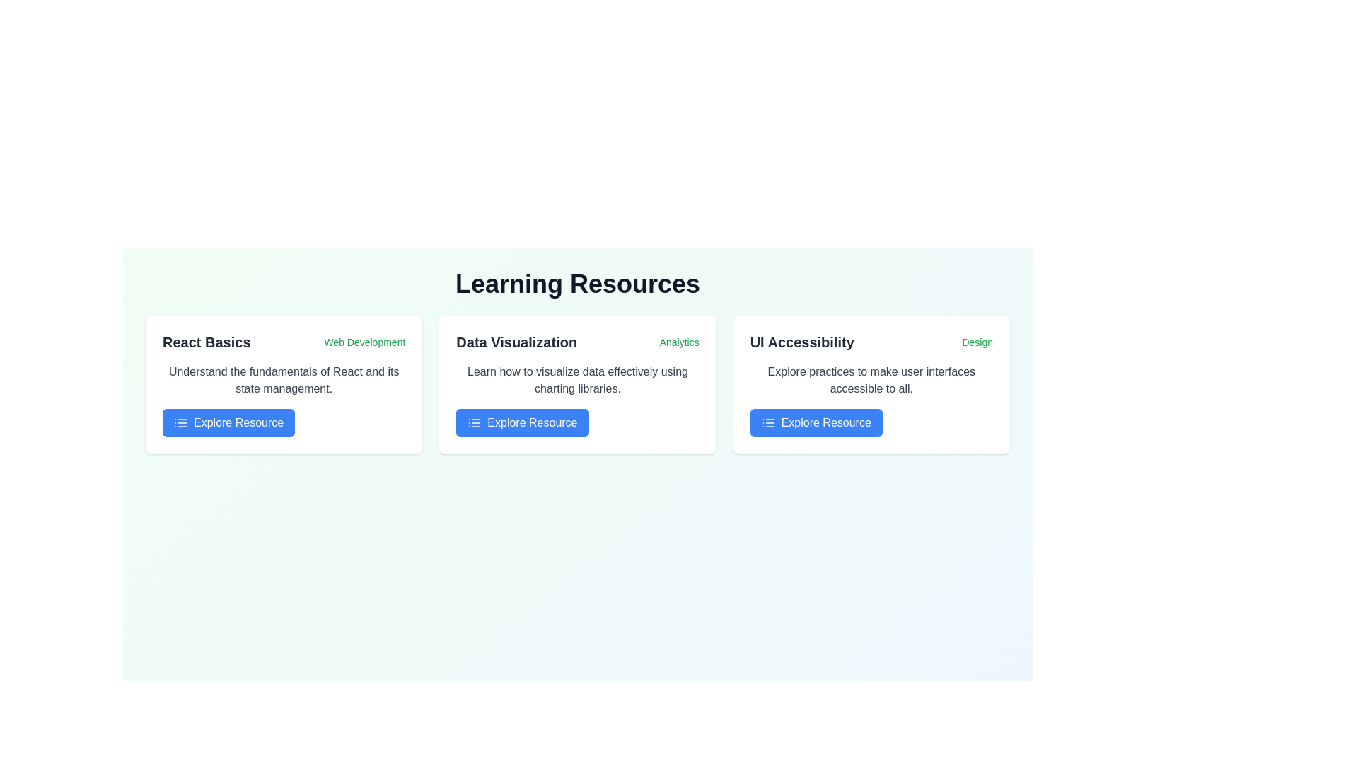 Image resolution: width=1358 pixels, height=764 pixels. I want to click on the 'Explore Resource' button located at the bottom of the 'Data Visualization' card, so click(521, 422).